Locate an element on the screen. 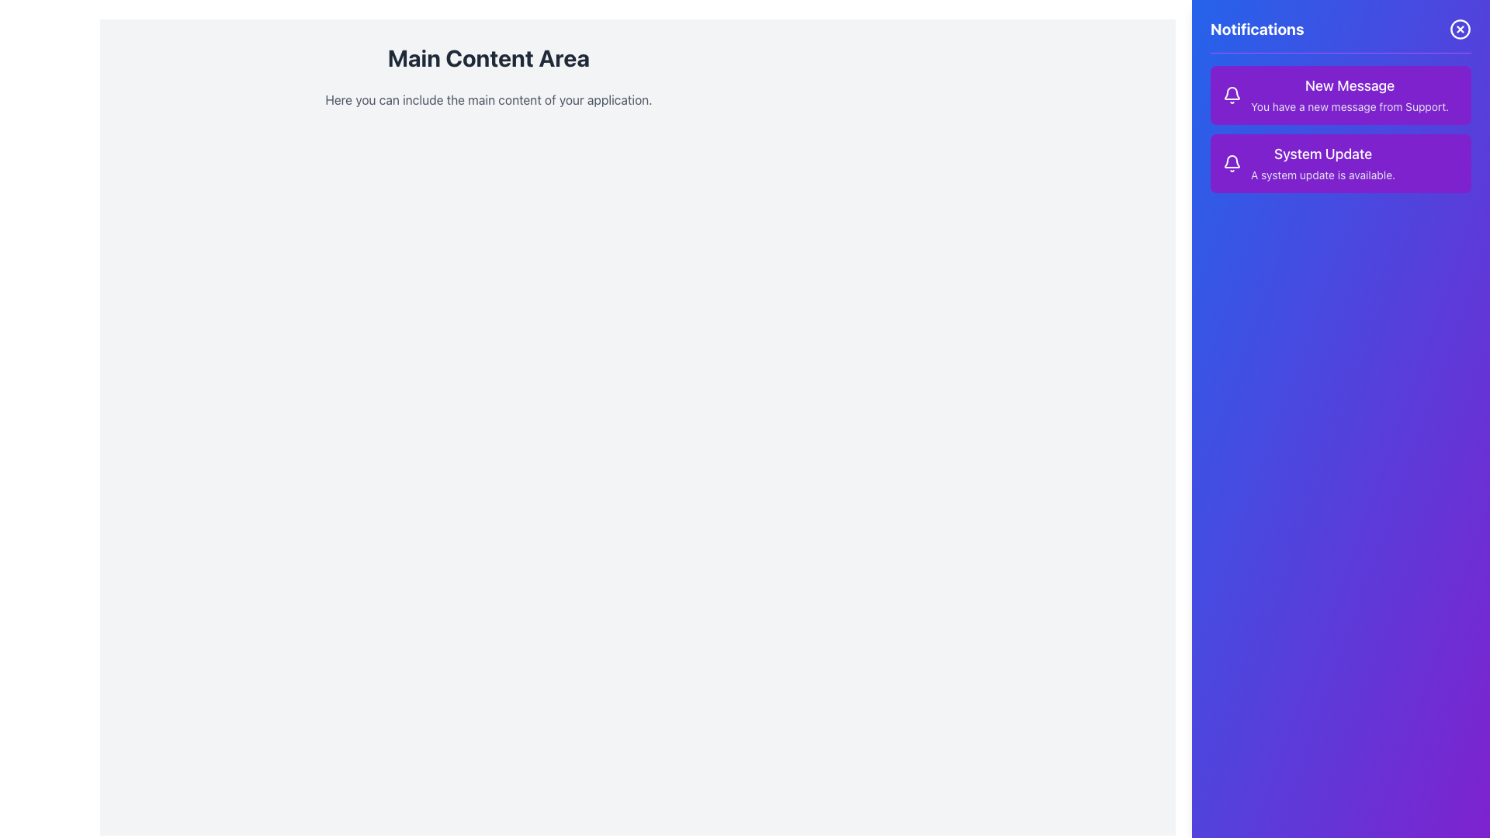 This screenshot has height=838, width=1490. the 'New Message' text label located at the top of the notification card in the 'Notifications' panel on the right side of the interface is located at coordinates (1349, 86).